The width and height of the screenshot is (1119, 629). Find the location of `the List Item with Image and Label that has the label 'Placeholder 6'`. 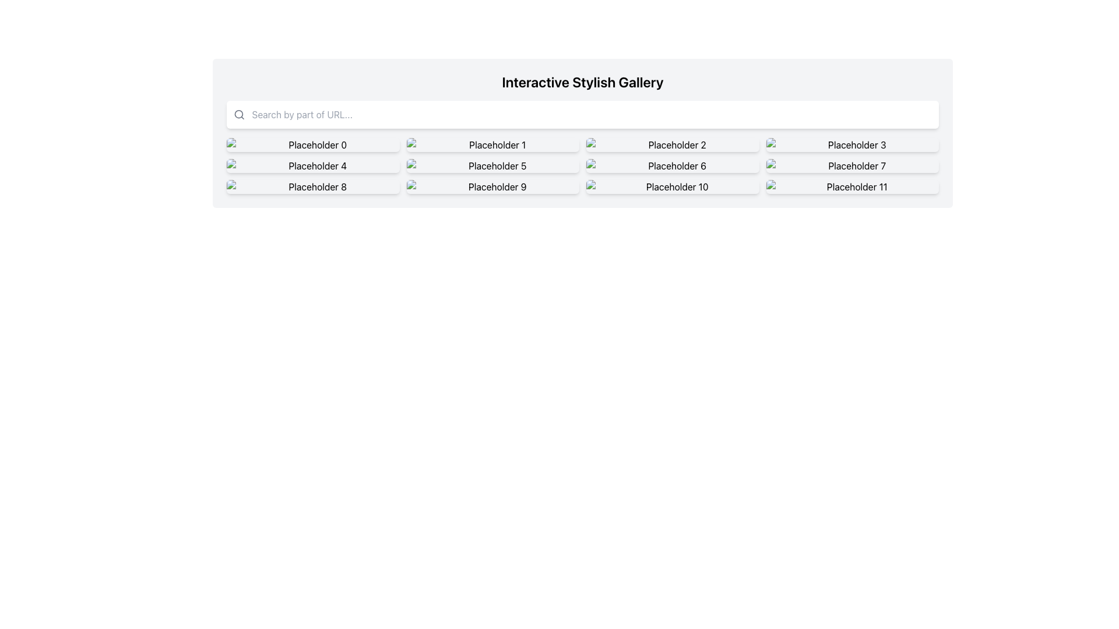

the List Item with Image and Label that has the label 'Placeholder 6' is located at coordinates (673, 166).